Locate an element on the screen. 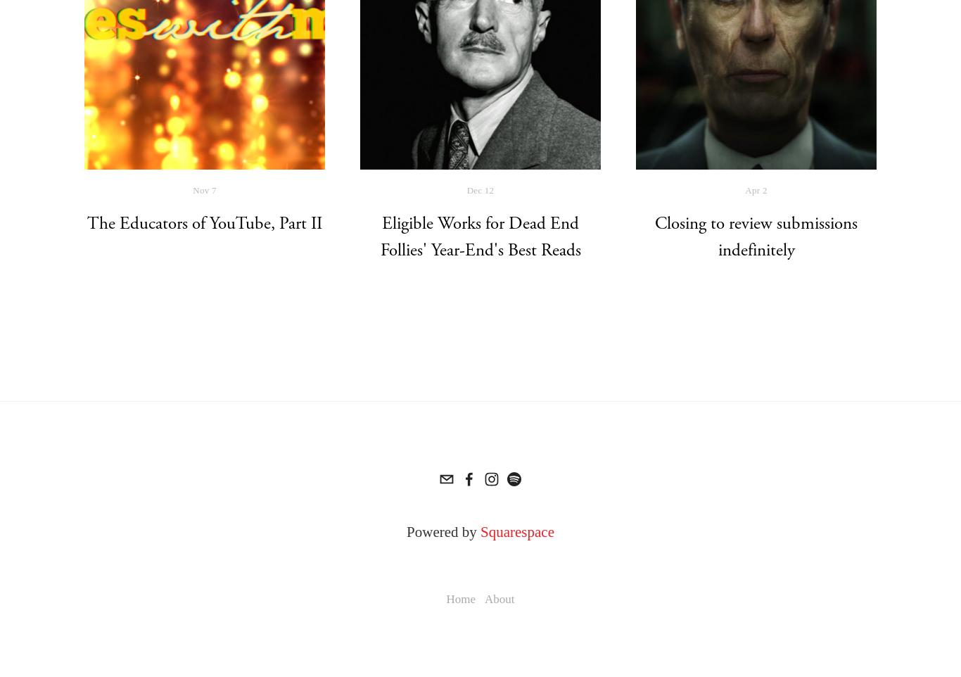  '2' is located at coordinates (763, 189).